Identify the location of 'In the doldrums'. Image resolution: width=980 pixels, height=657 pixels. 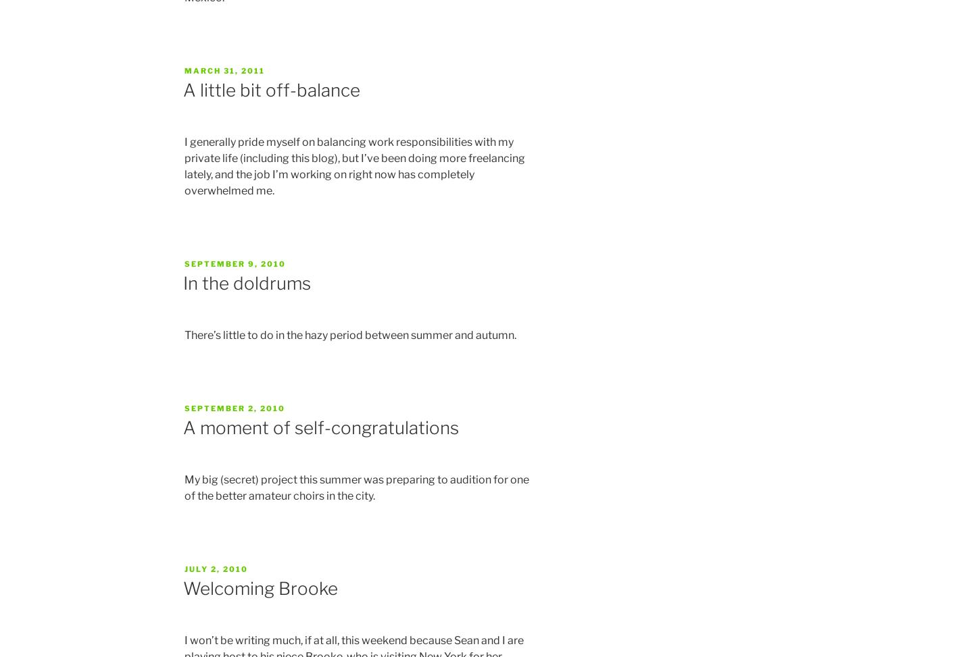
(183, 282).